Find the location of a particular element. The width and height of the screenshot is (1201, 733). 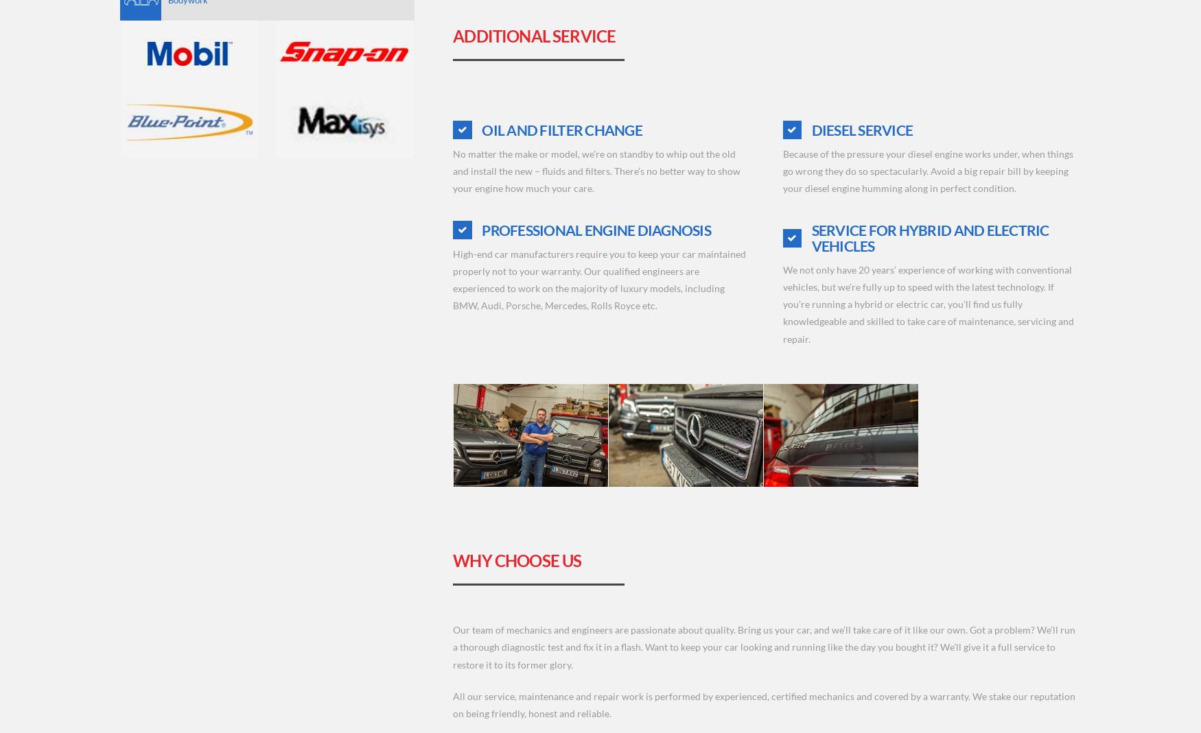

'Service for hybrid and electric vehicles' is located at coordinates (810, 237).